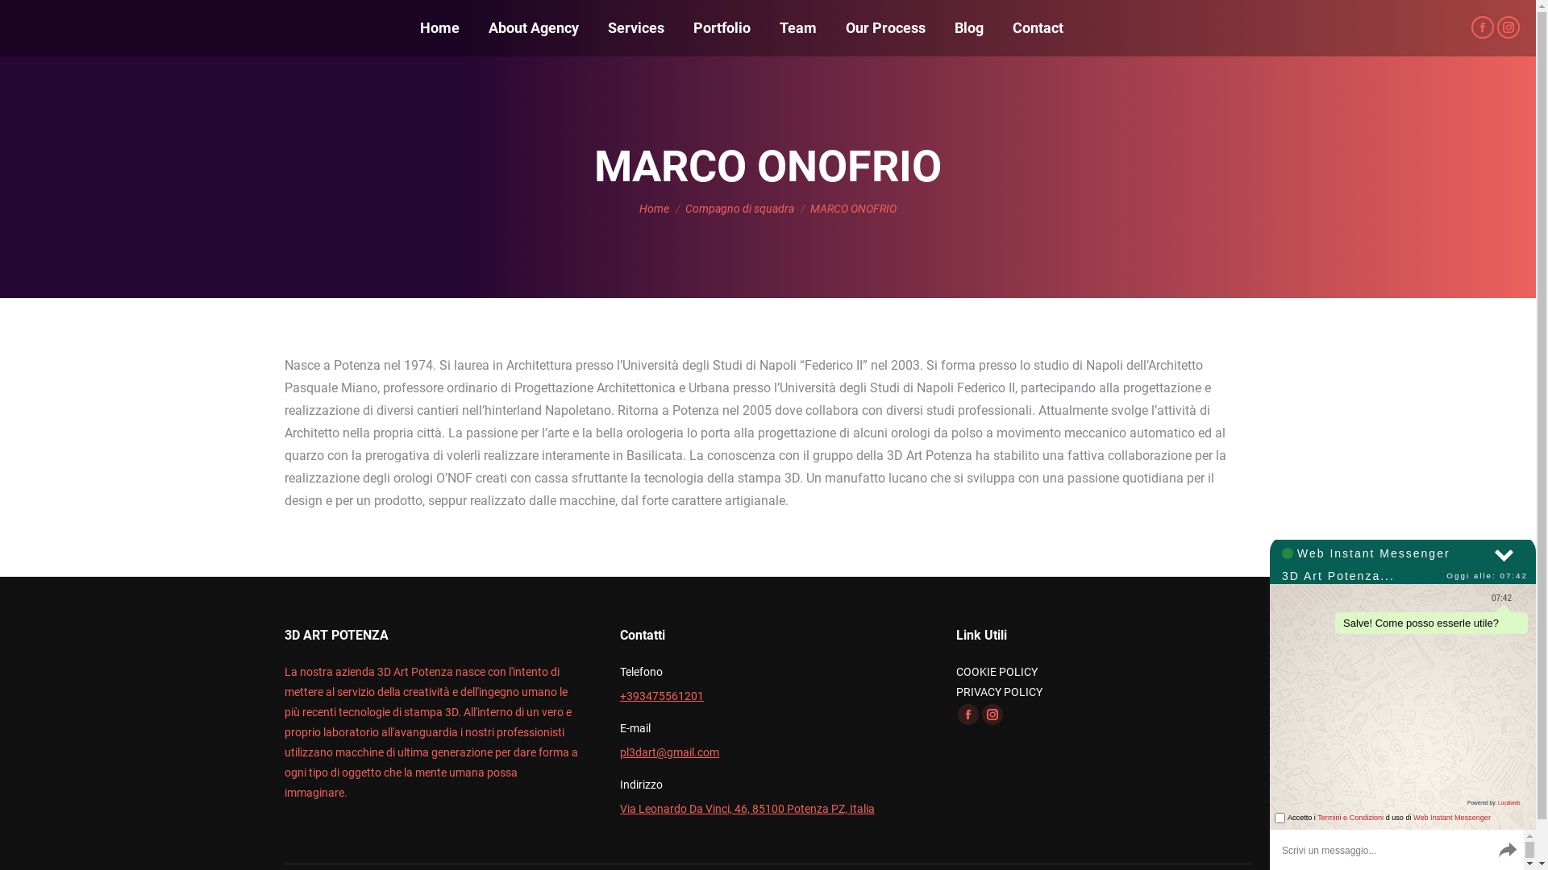  I want to click on 'Contact', so click(1038, 27).